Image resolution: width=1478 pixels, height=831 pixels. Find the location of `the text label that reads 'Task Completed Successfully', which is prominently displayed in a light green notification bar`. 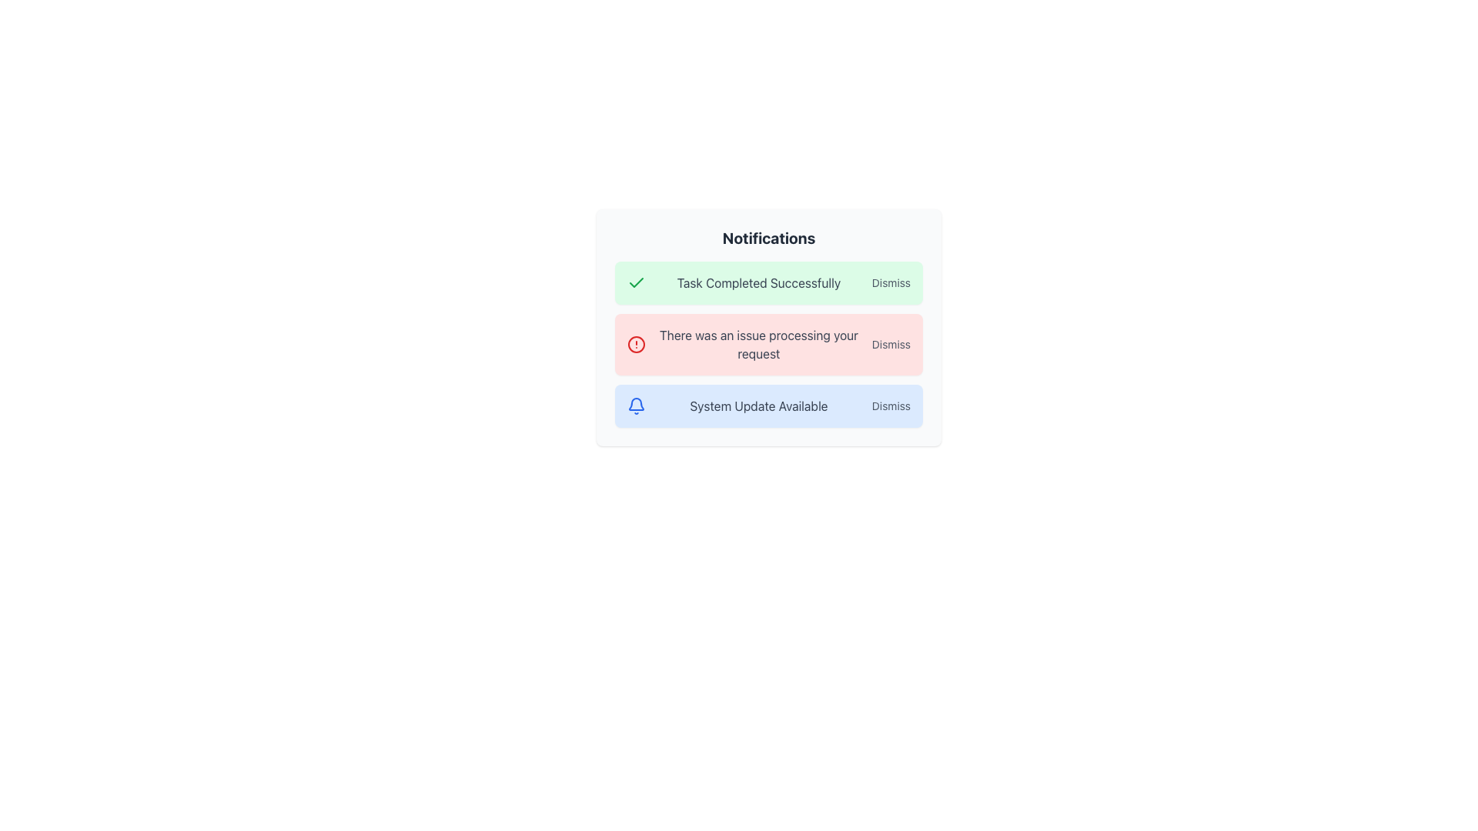

the text label that reads 'Task Completed Successfully', which is prominently displayed in a light green notification bar is located at coordinates (758, 282).